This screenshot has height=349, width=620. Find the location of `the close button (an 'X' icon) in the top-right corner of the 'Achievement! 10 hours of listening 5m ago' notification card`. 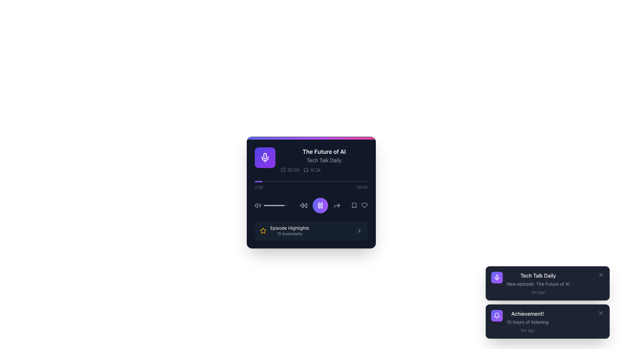

the close button (an 'X' icon) in the top-right corner of the 'Achievement! 10 hours of listening 5m ago' notification card is located at coordinates (601, 312).